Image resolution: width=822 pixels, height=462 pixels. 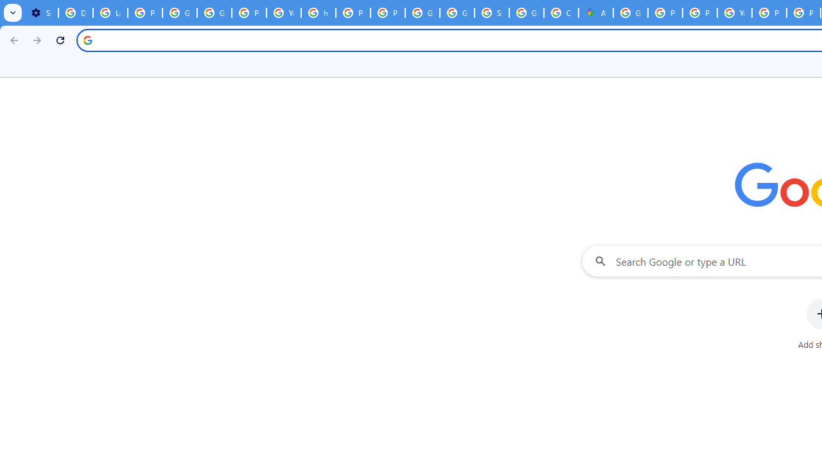 I want to click on 'Google Account Help', so click(x=214, y=13).